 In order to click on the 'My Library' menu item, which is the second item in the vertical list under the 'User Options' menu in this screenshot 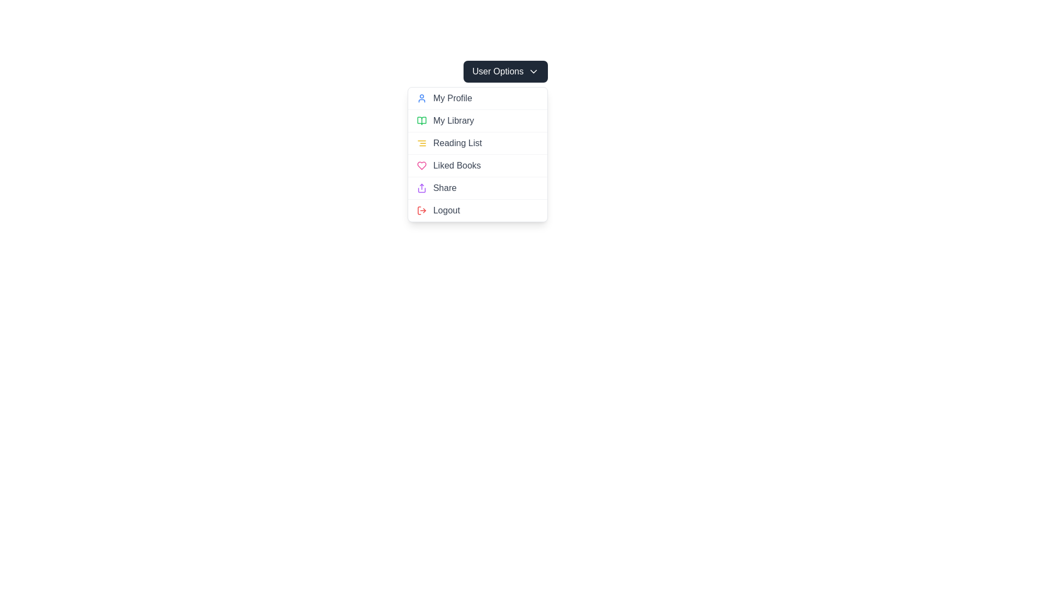, I will do `click(477, 120)`.